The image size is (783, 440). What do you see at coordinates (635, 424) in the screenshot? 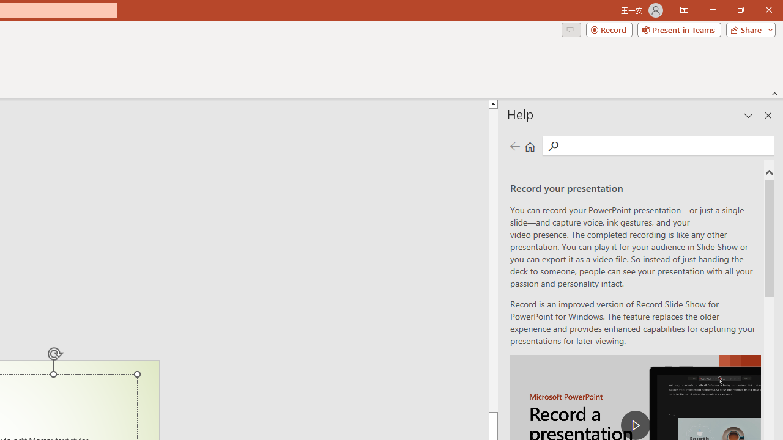
I see `'play Record a Presentation'` at bounding box center [635, 424].